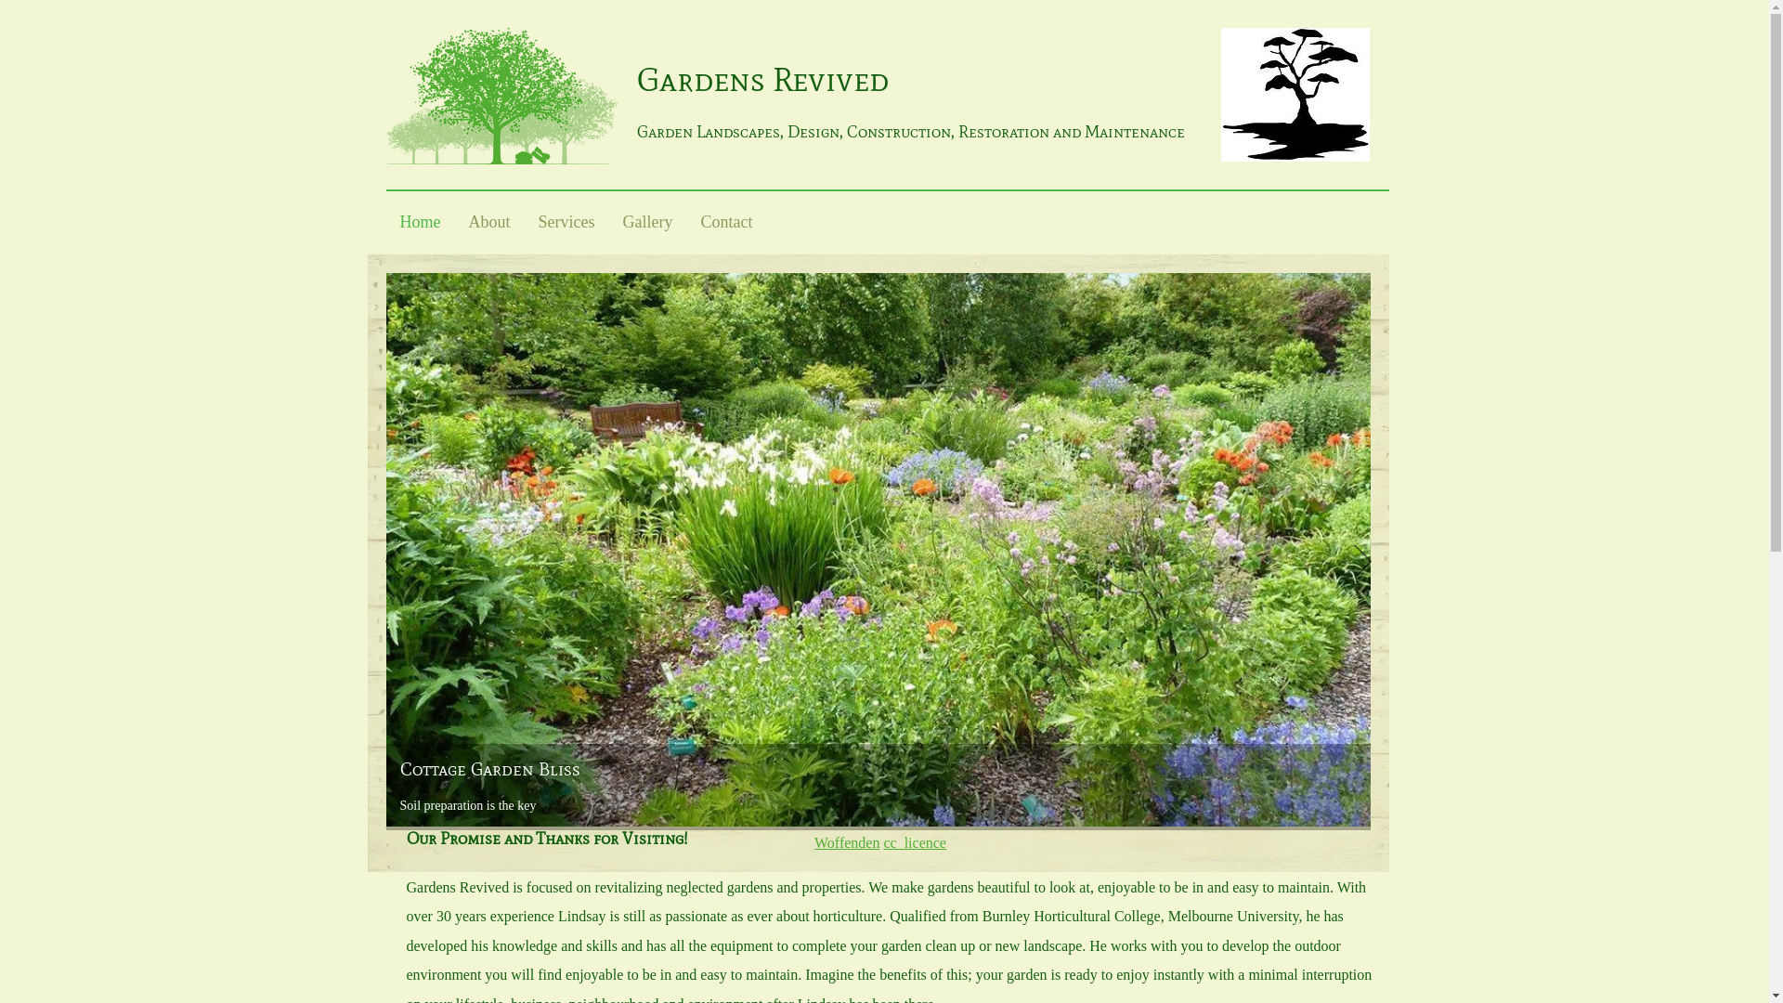 Image resolution: width=1783 pixels, height=1003 pixels. Describe the element at coordinates (489, 221) in the screenshot. I see `'About'` at that location.